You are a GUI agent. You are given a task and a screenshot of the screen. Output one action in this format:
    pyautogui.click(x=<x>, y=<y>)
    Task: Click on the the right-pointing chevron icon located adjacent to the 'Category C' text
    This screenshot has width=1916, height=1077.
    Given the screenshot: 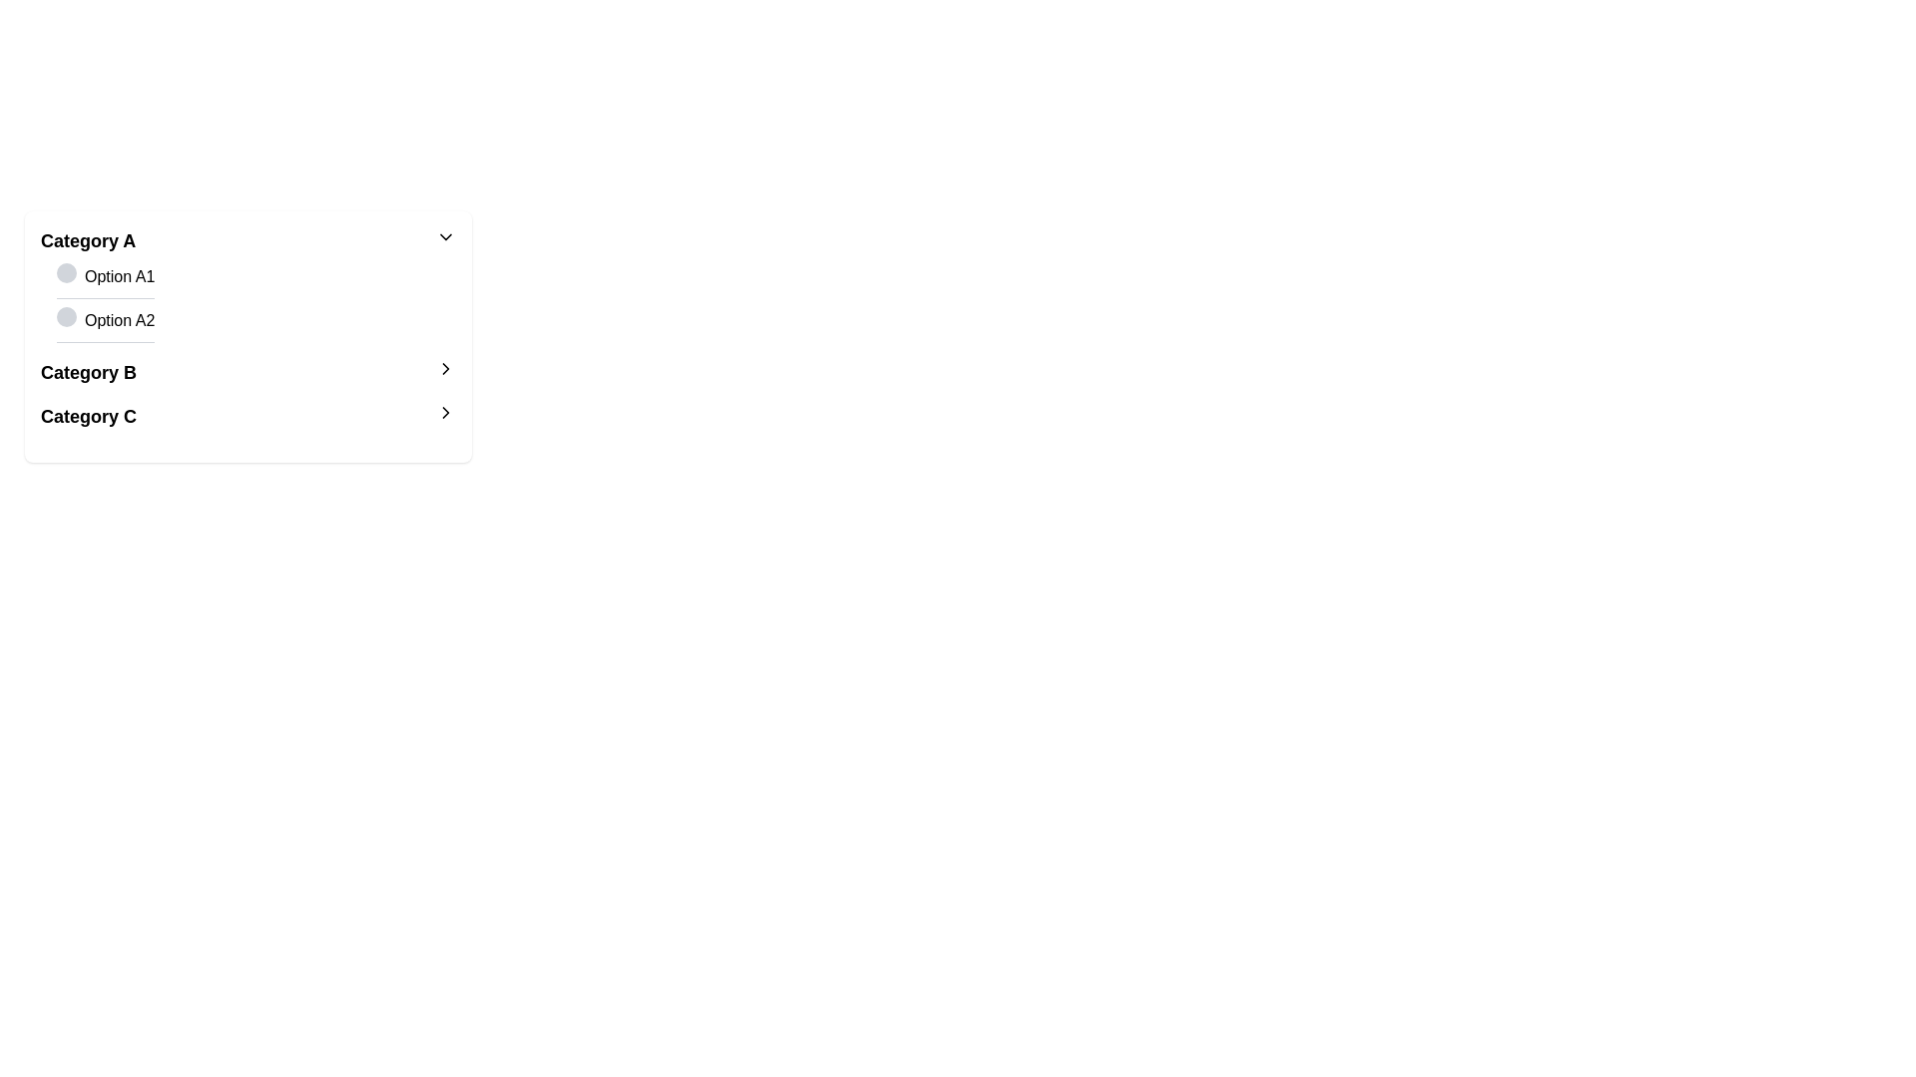 What is the action you would take?
    pyautogui.click(x=444, y=411)
    